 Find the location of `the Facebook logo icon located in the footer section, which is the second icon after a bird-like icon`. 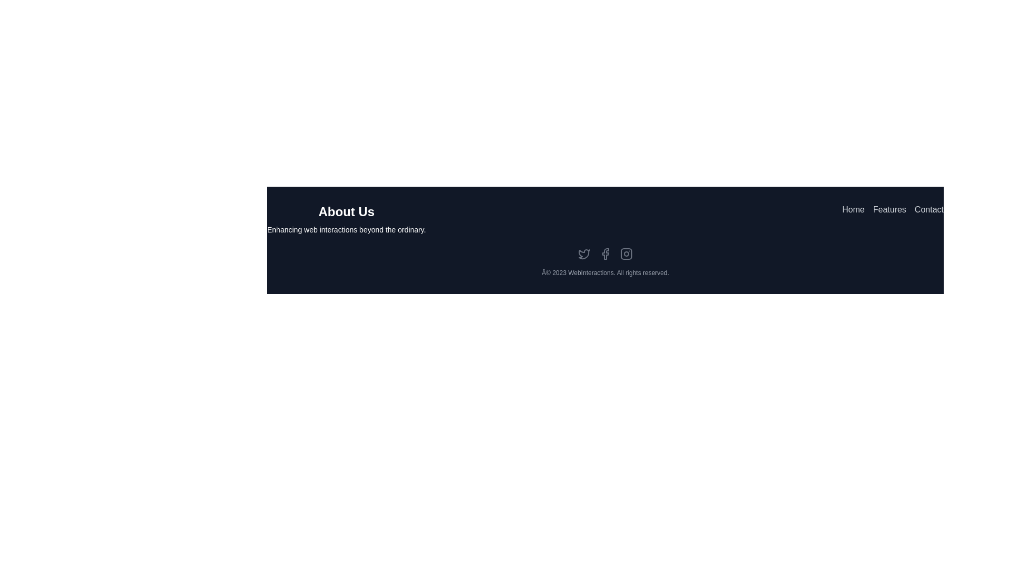

the Facebook logo icon located in the footer section, which is the second icon after a bird-like icon is located at coordinates (605, 253).